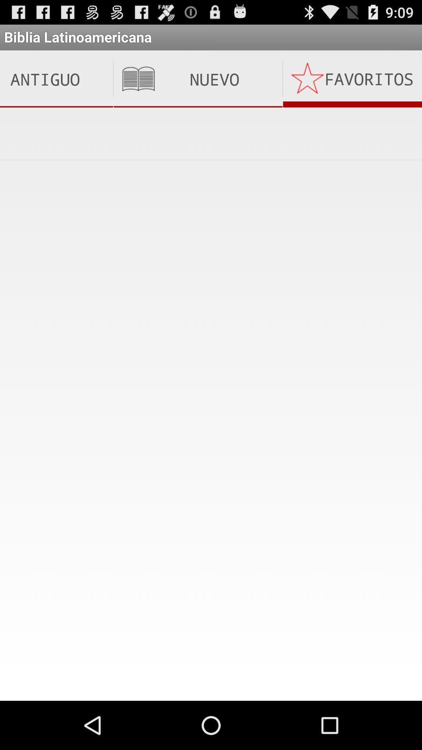  I want to click on the icon next to nuevo testamento, so click(56, 79).